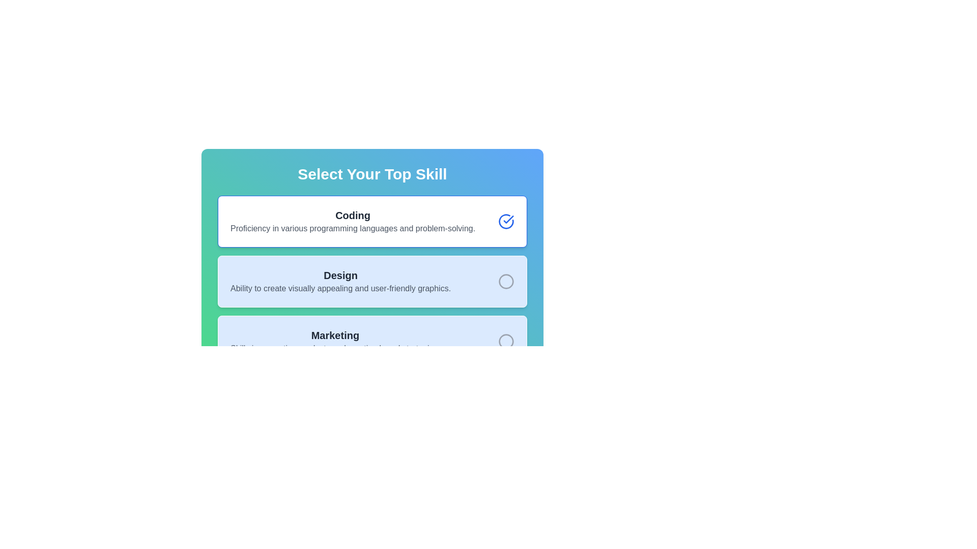  What do you see at coordinates (506, 341) in the screenshot?
I see `the circular graphical icon styled as an outline with a gray color located towards the right edge of the 'Marketing' skill selection box` at bounding box center [506, 341].